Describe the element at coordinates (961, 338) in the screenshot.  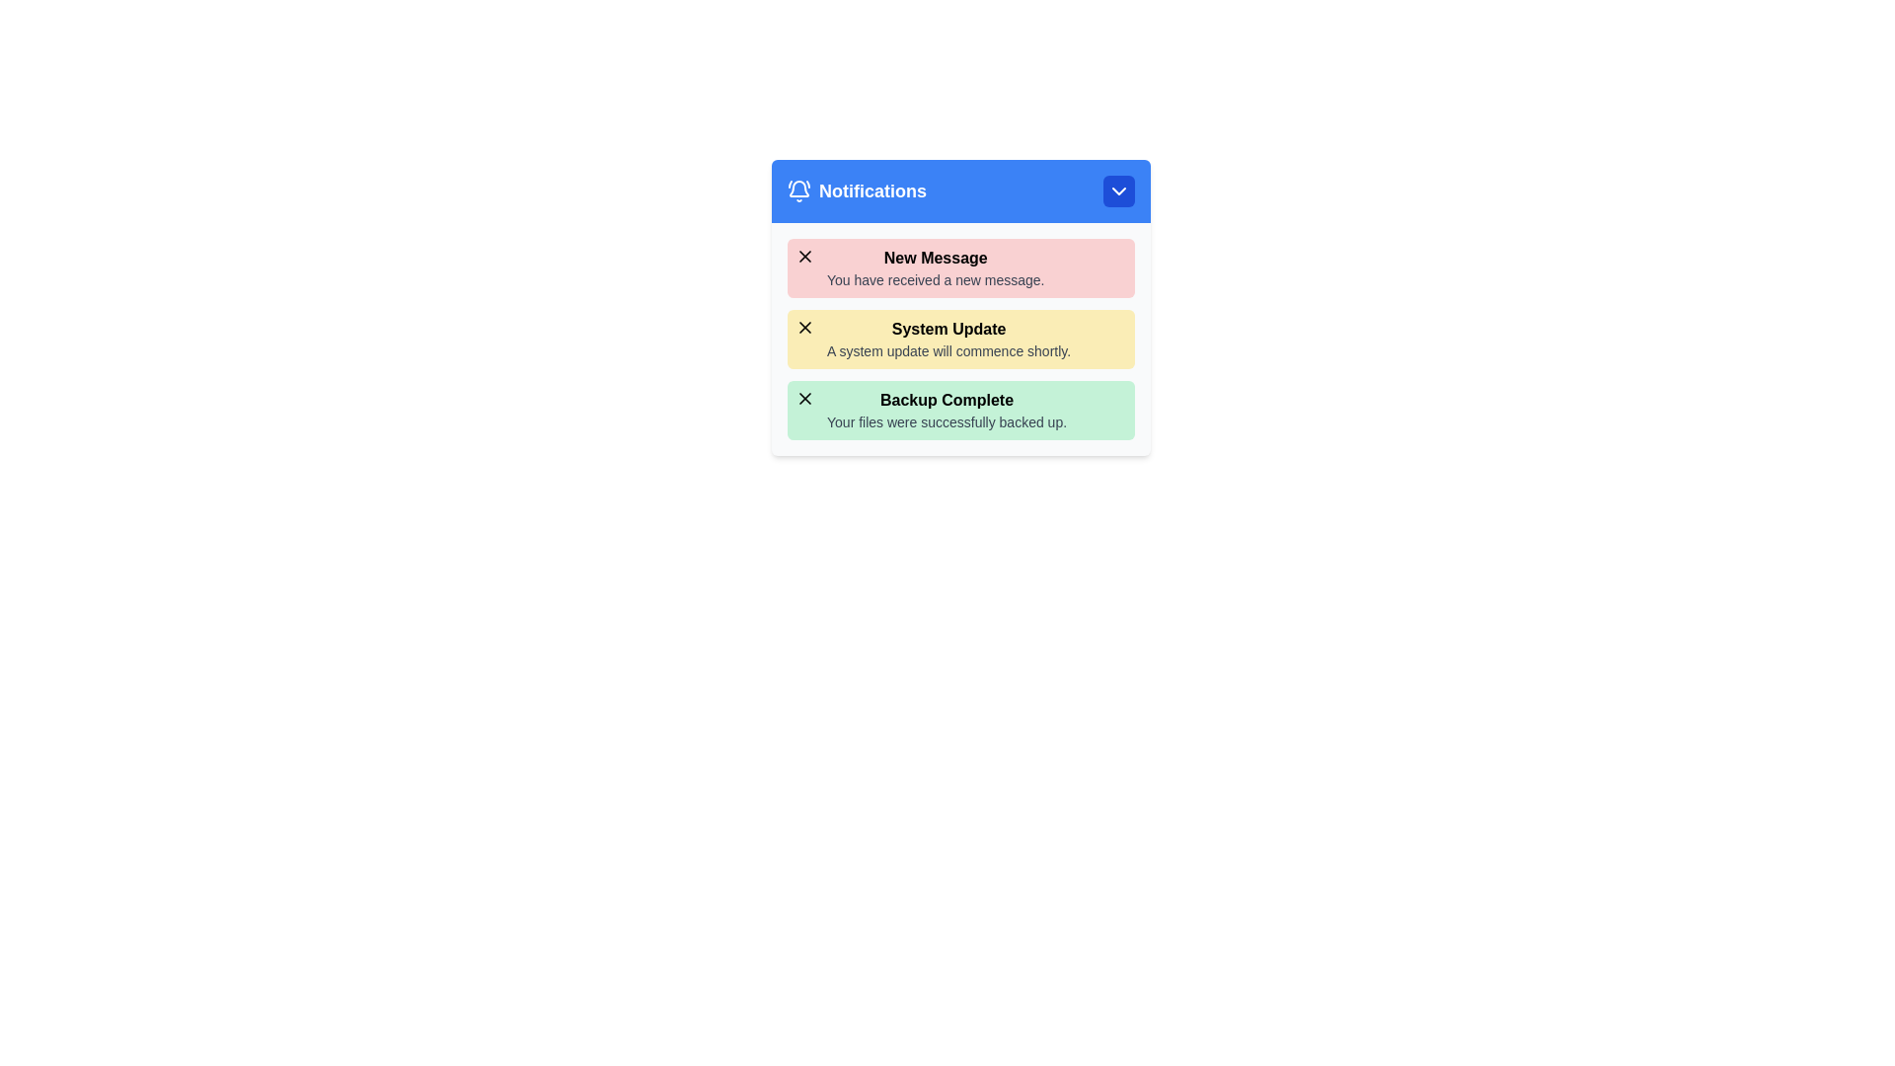
I see `notification text from the middle notification box in the notifications panel which alerts the user about a system update` at that location.